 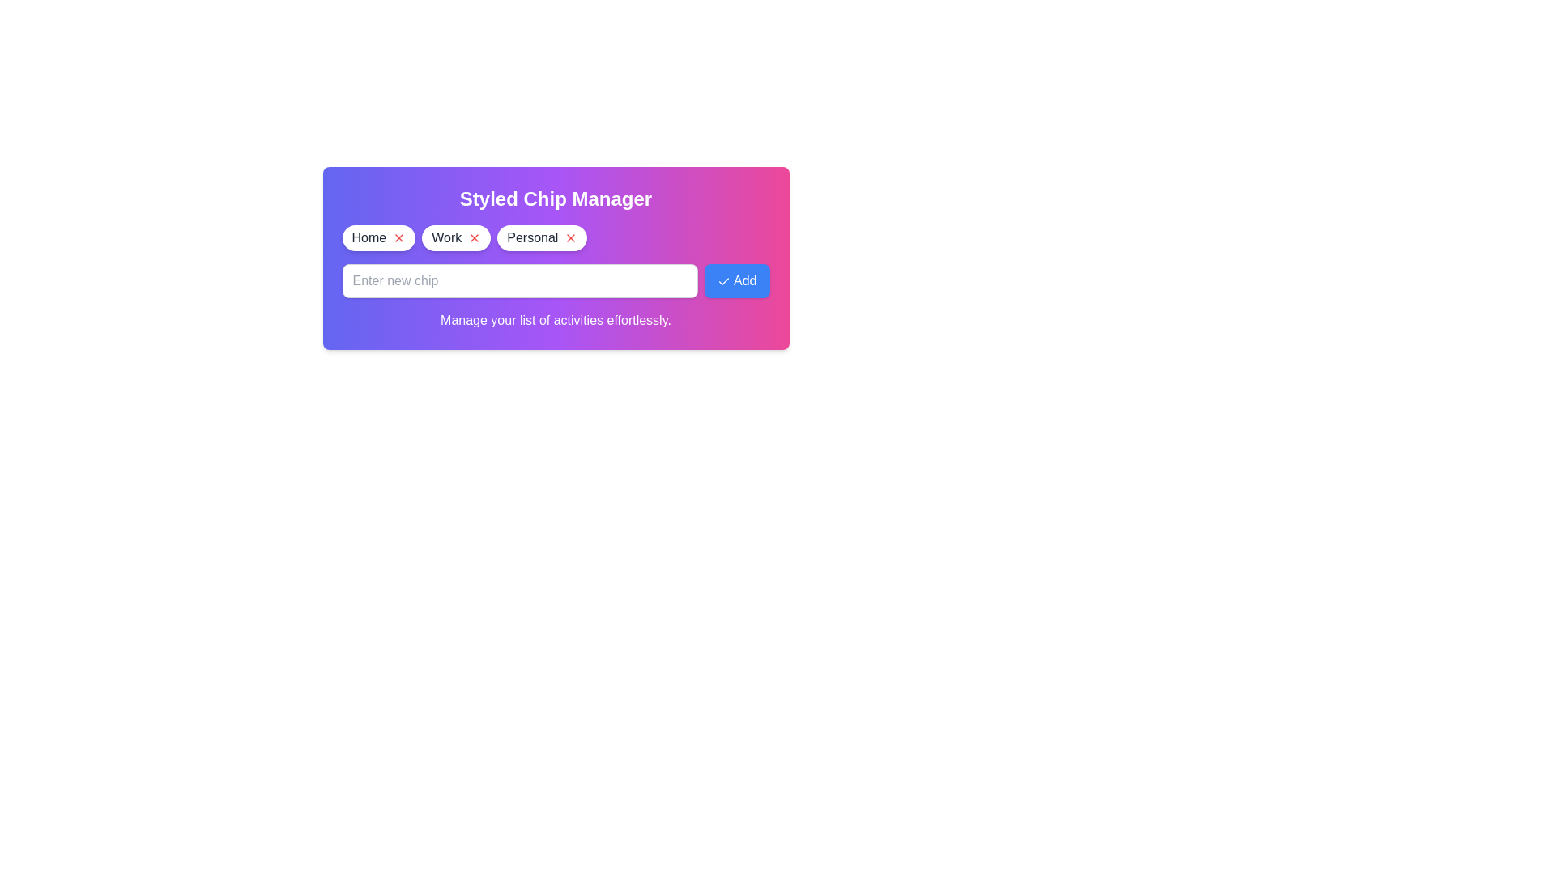 What do you see at coordinates (556, 321) in the screenshot?
I see `the instructional text below the input field` at bounding box center [556, 321].